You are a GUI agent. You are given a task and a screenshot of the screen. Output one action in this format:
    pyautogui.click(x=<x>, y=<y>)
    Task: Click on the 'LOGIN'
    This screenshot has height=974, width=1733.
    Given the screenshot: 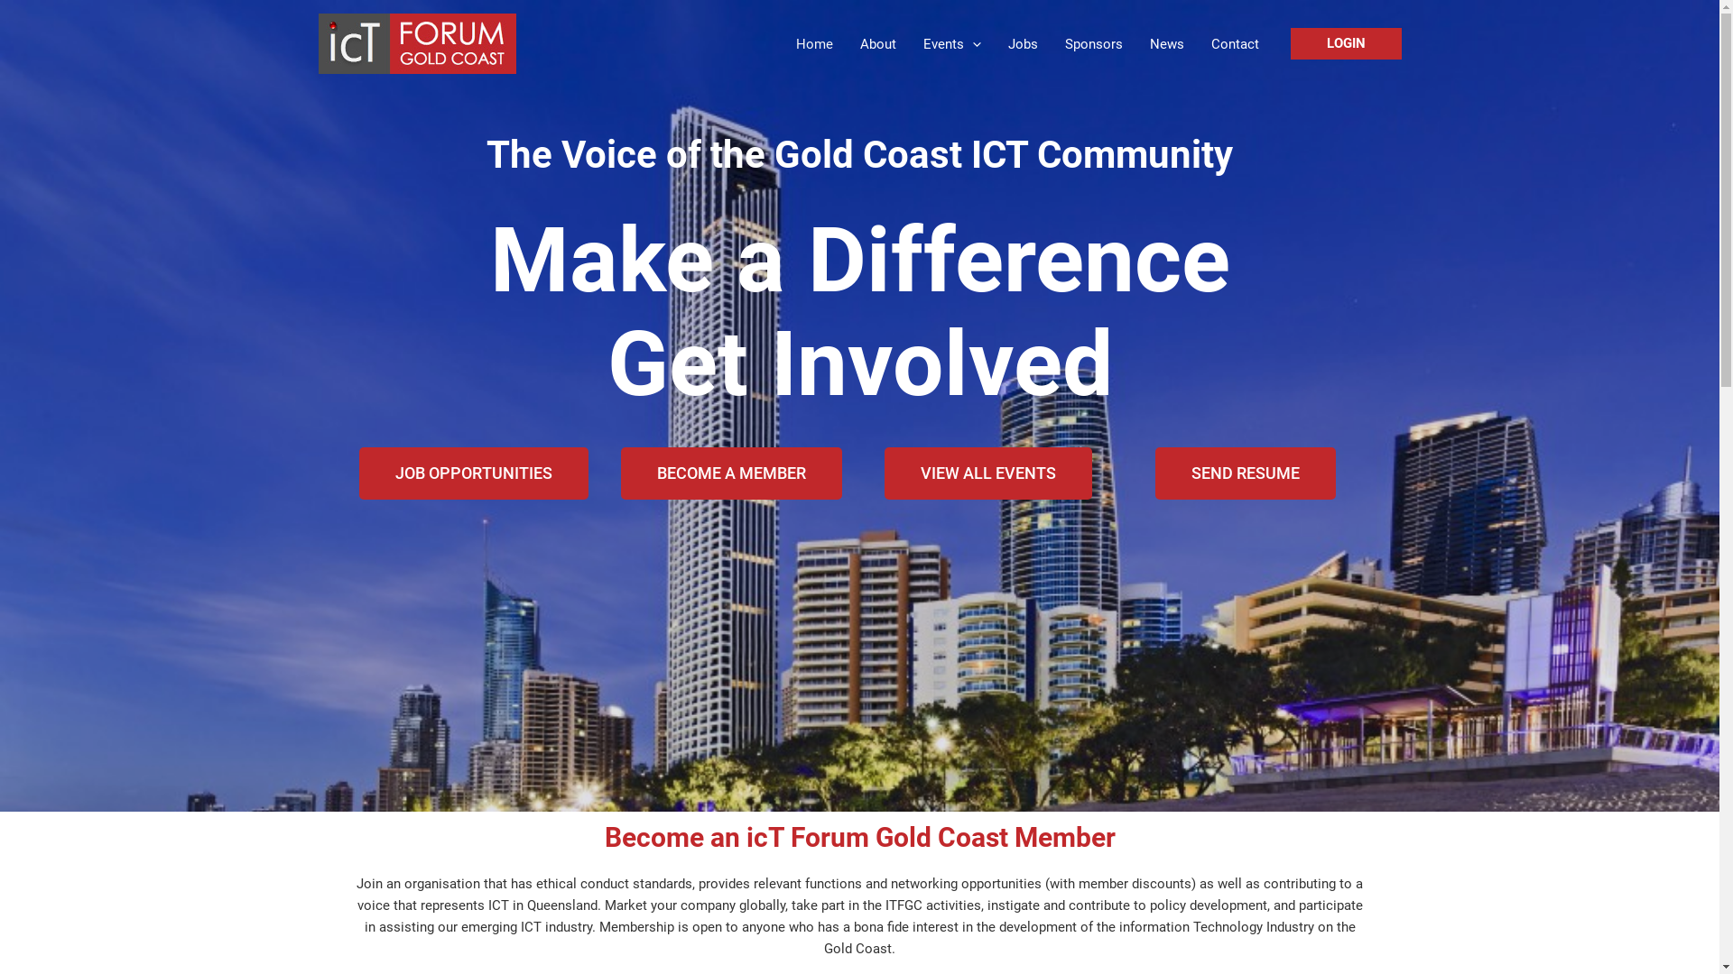 What is the action you would take?
    pyautogui.click(x=1346, y=42)
    